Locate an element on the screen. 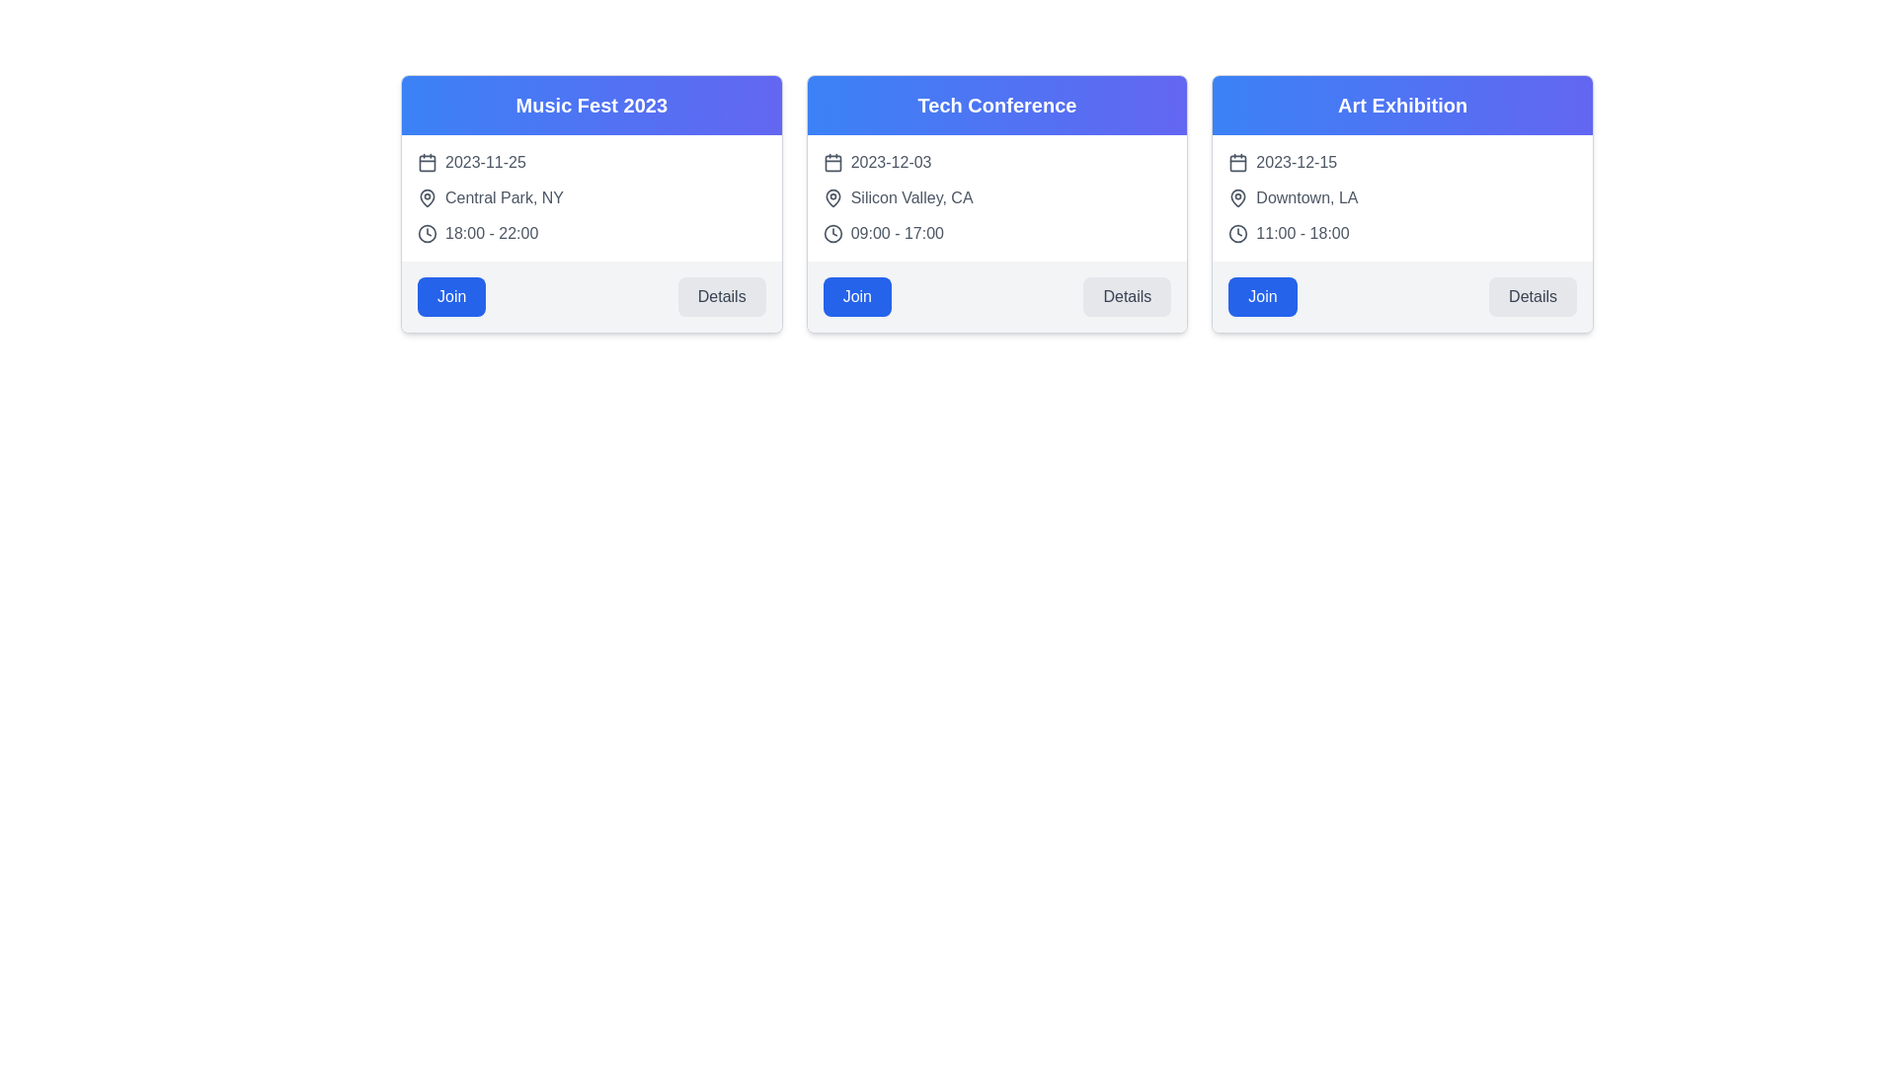  the clock icon located in the 'Music Fest 2023' card, which visually represents the schedule next to the text '18:00 - 22:00' is located at coordinates (426, 232).